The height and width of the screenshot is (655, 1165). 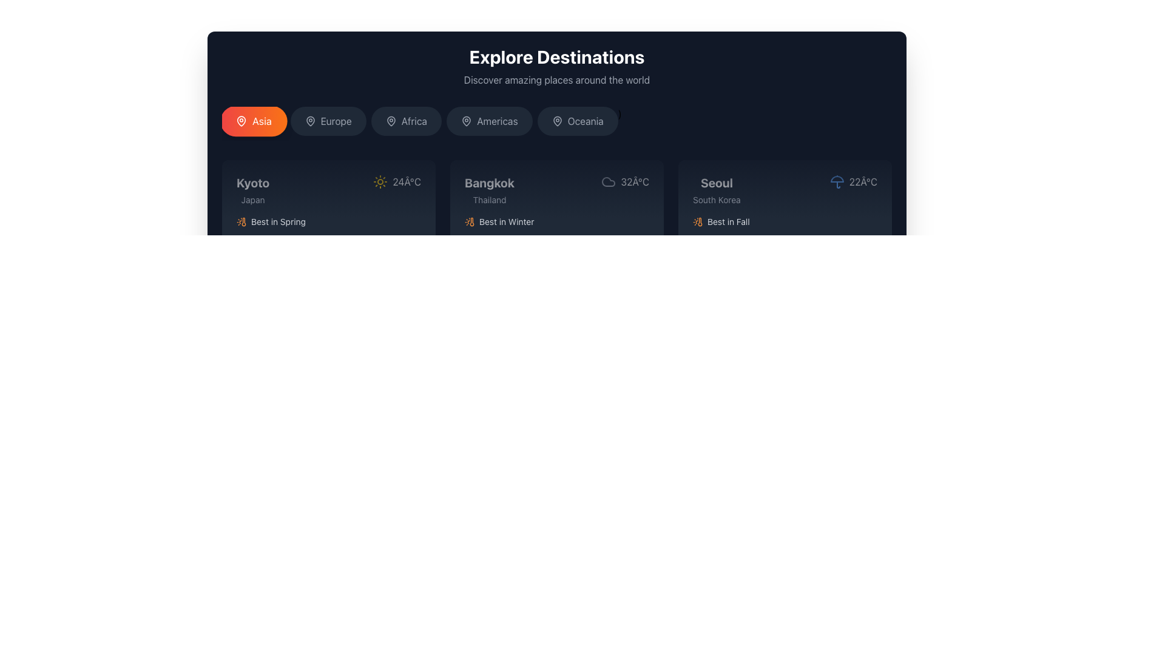 I want to click on the text label 'Europe' within the button, so click(x=336, y=121).